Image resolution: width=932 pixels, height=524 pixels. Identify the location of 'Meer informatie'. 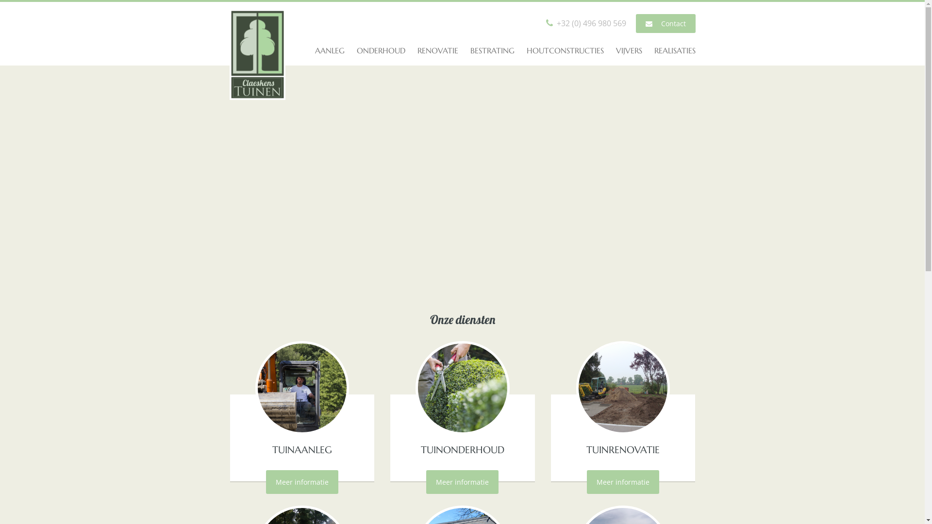
(301, 482).